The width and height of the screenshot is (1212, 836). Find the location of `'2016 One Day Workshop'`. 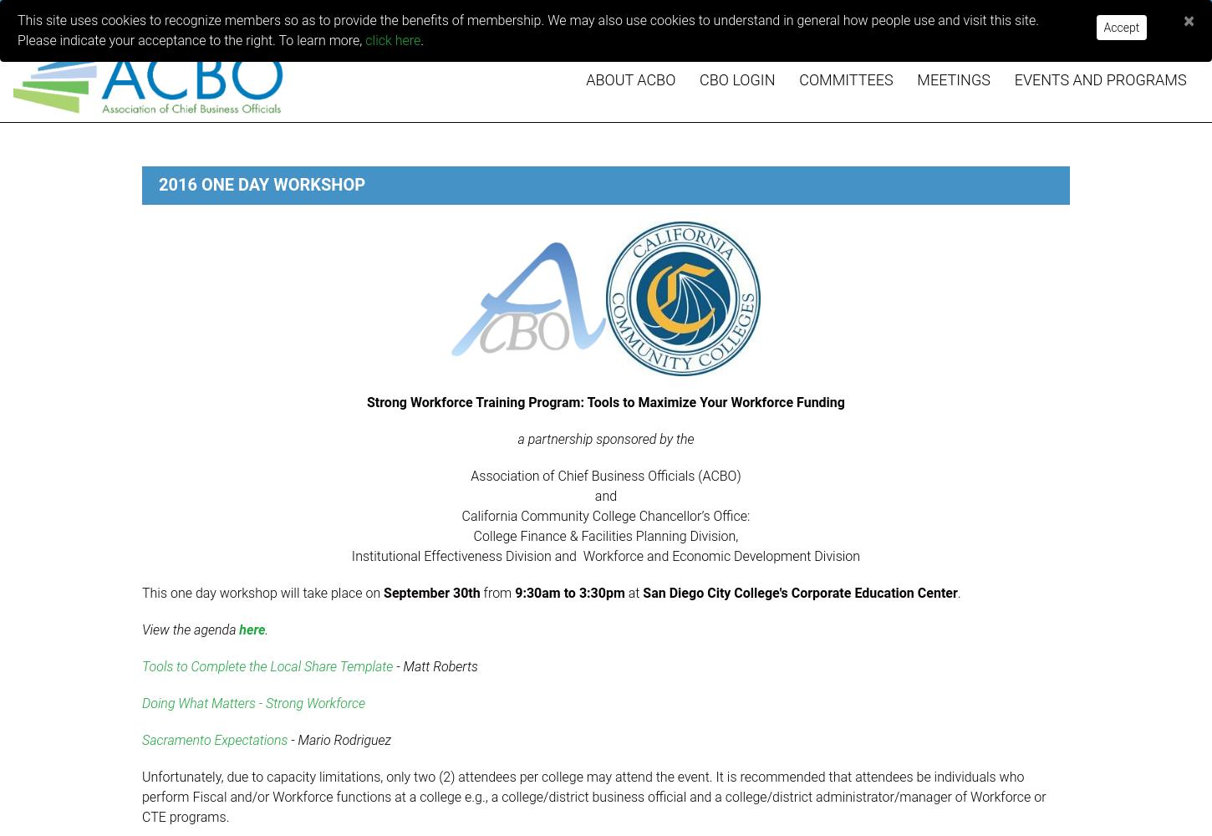

'2016 One Day Workshop' is located at coordinates (157, 184).